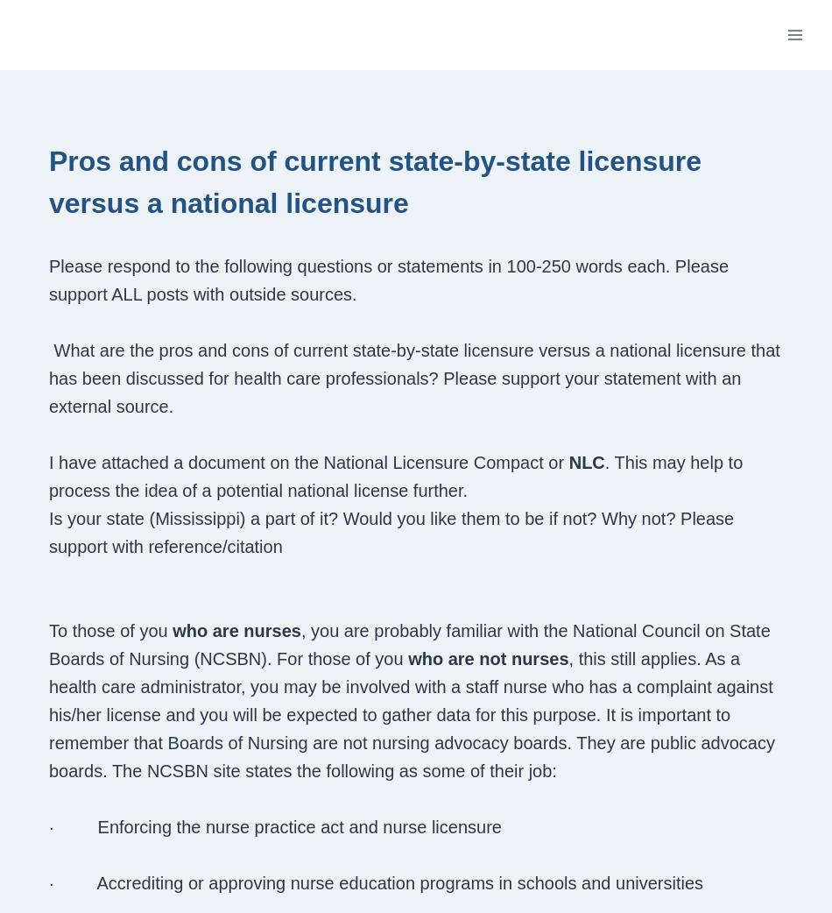 The width and height of the screenshot is (832, 913). Describe the element at coordinates (388, 280) in the screenshot. I see `'Please respond to the following questions or statements in 100-250 words each. Please support ALL posts with outside sources.'` at that location.